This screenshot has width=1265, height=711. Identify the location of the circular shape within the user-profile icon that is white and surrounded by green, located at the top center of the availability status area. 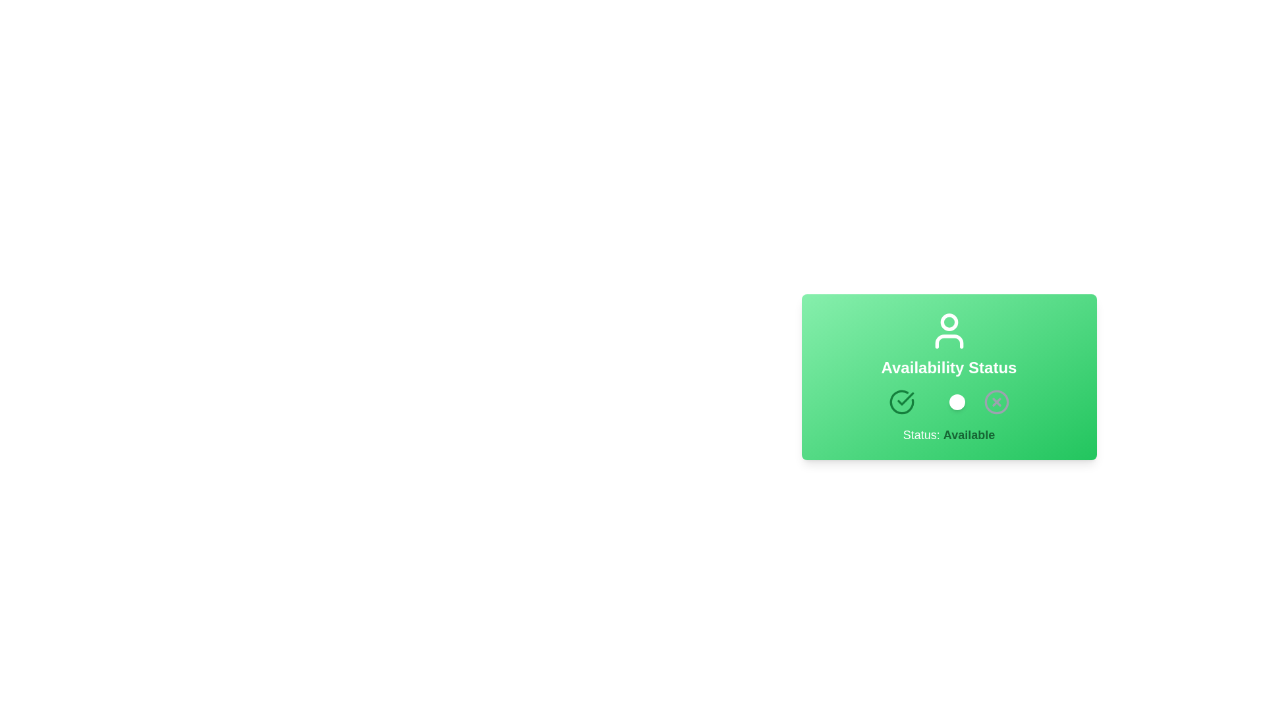
(949, 322).